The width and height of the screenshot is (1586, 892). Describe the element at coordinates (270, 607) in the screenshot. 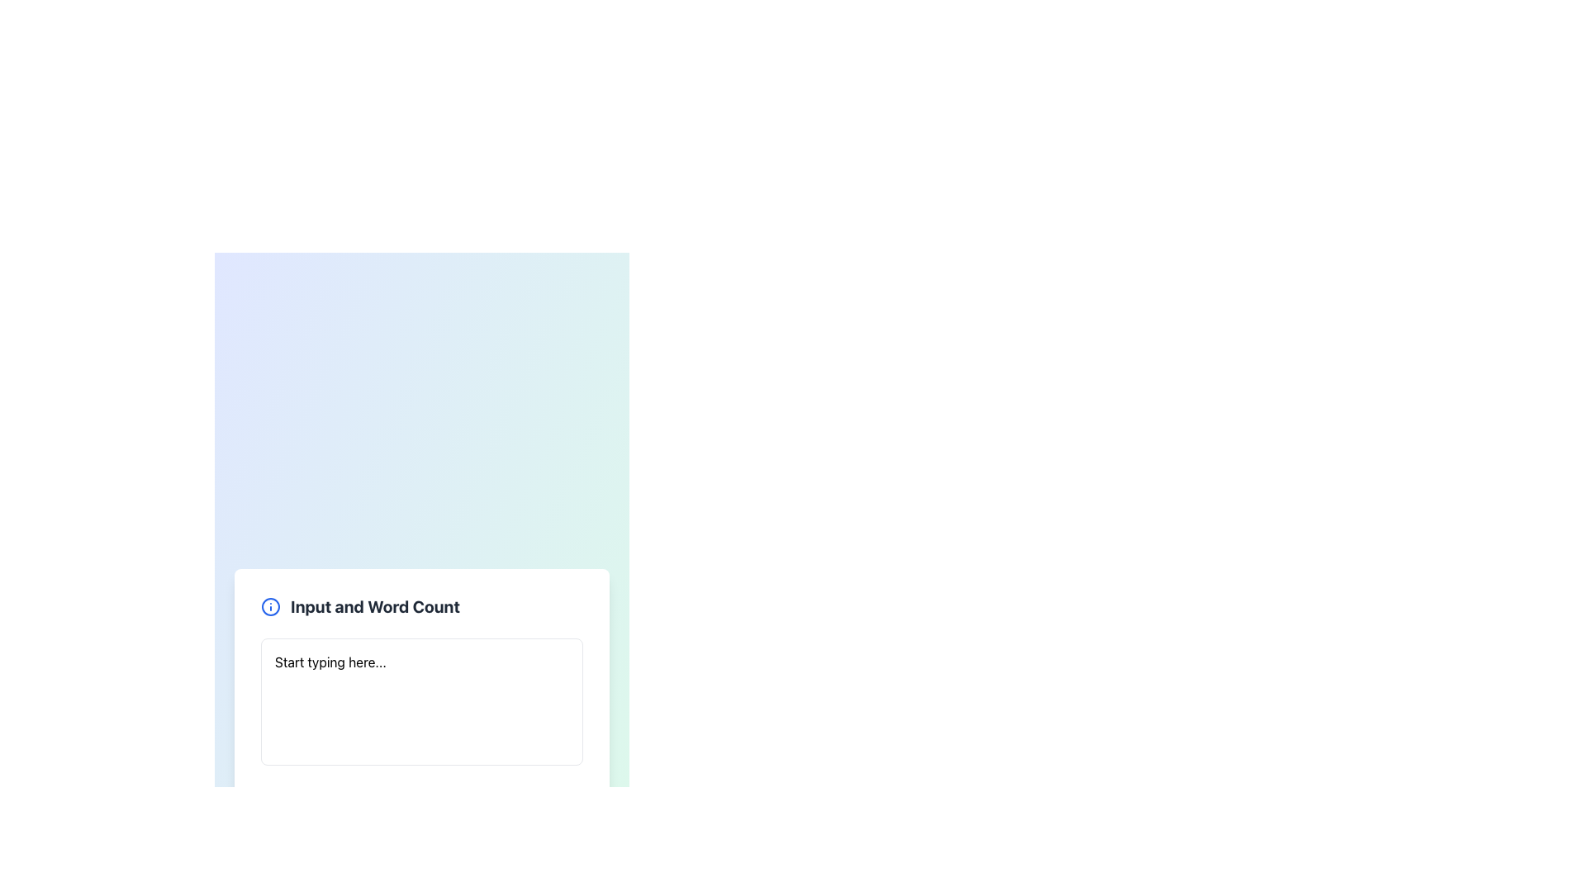

I see `the main circular part of the 'info' icon located at the top-left corner of the 'Input and Word Count' interface block` at that location.